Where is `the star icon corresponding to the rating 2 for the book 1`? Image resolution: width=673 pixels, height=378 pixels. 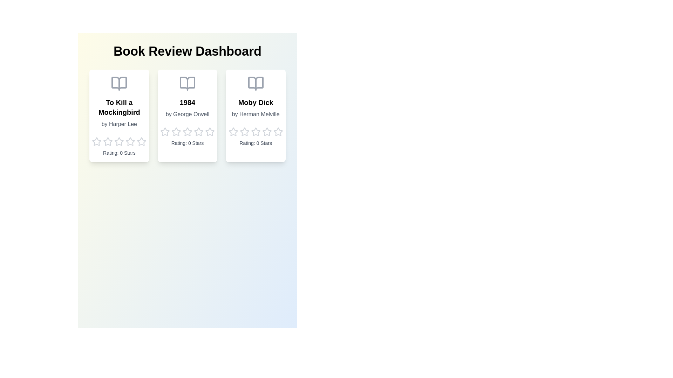
the star icon corresponding to the rating 2 for the book 1 is located at coordinates (107, 142).